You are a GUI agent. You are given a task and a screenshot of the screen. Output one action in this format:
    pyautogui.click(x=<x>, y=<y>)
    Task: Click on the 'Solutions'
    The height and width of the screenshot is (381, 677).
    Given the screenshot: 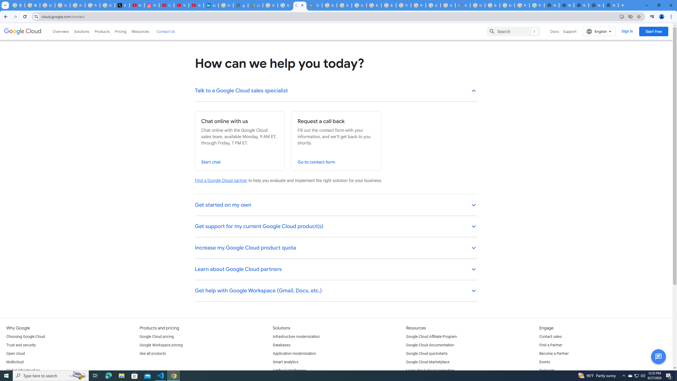 What is the action you would take?
    pyautogui.click(x=81, y=31)
    